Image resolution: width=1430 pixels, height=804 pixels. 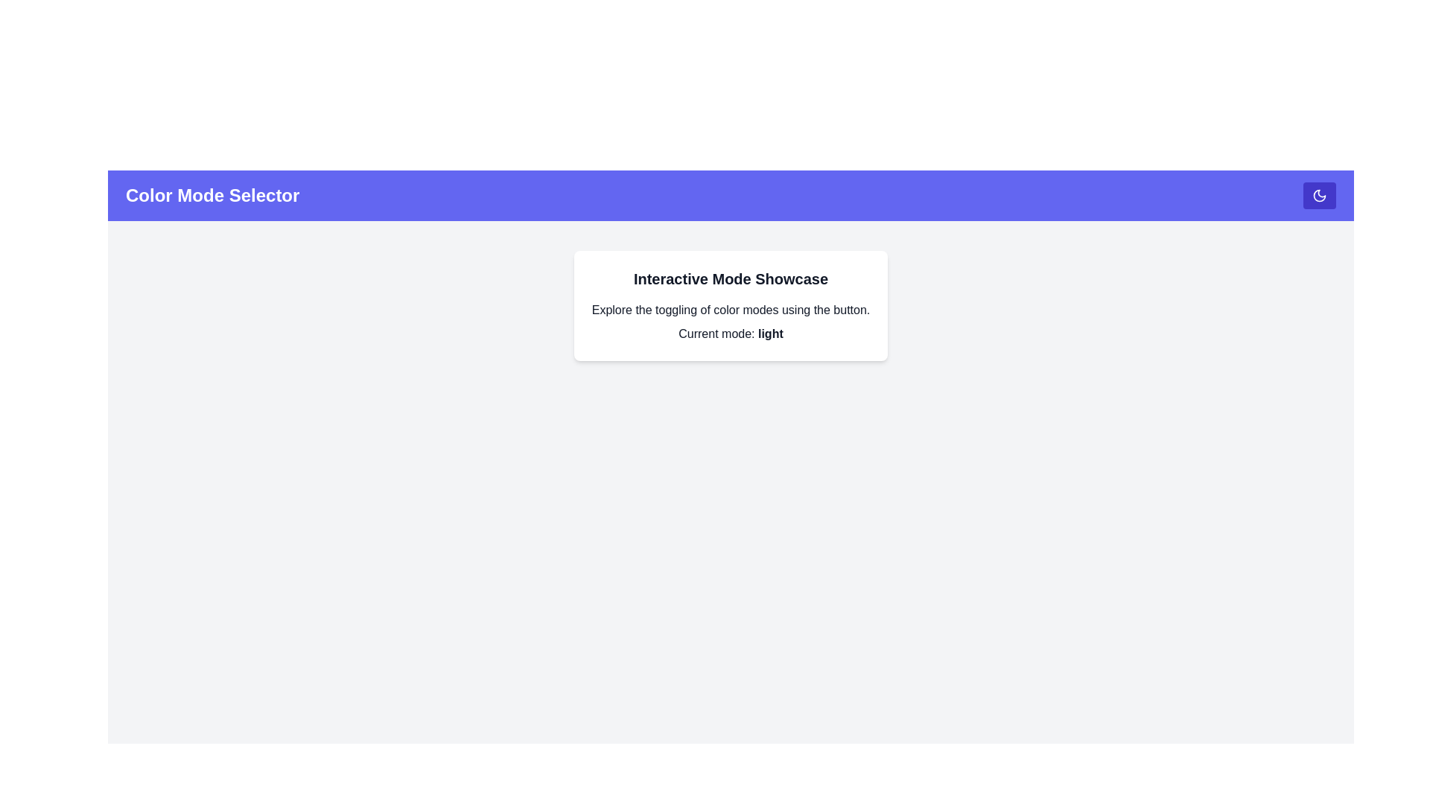 What do you see at coordinates (1319, 194) in the screenshot?
I see `the crescent moon icon located at the top-right corner of the header bar` at bounding box center [1319, 194].